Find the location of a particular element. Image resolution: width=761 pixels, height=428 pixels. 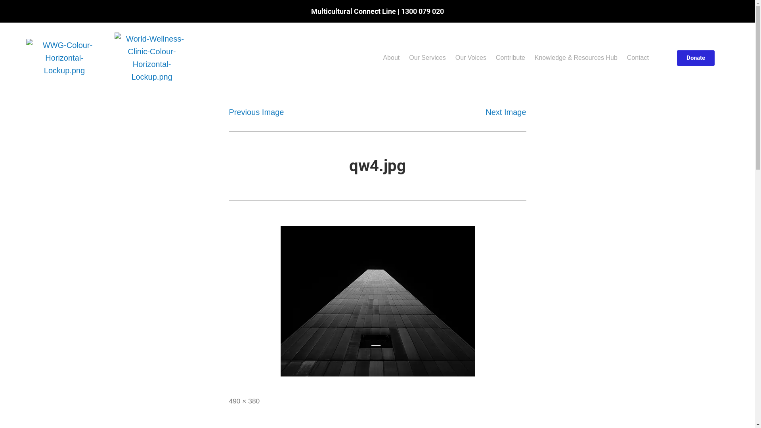

'Our Services' is located at coordinates (427, 57).